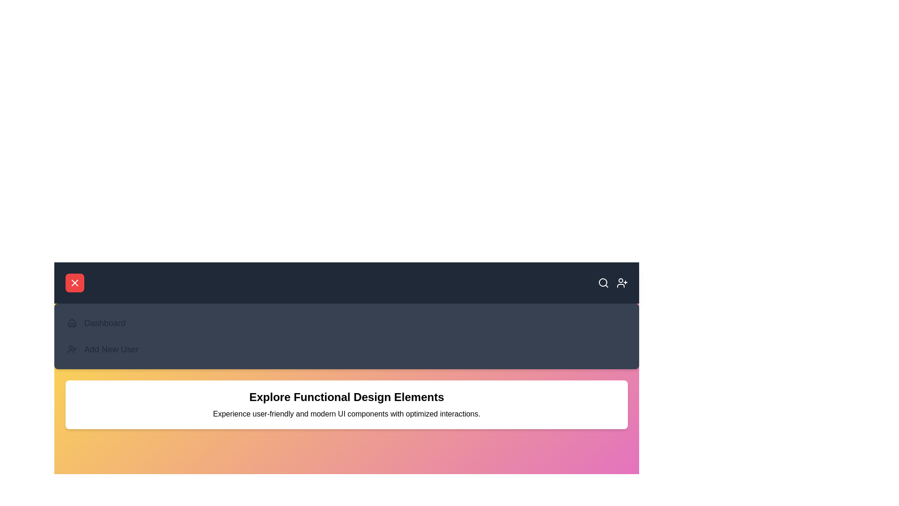 This screenshot has width=899, height=506. Describe the element at coordinates (105, 323) in the screenshot. I see `the 'Dashboard' menu item in the navigation bar` at that location.